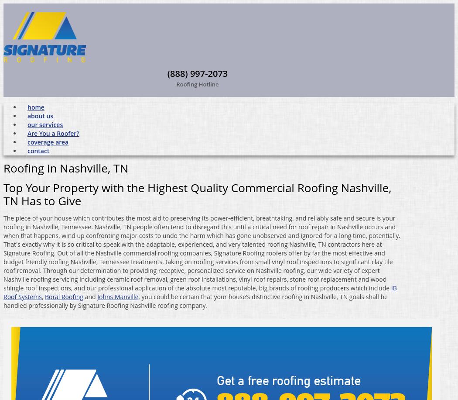 This screenshot has width=458, height=400. What do you see at coordinates (89, 296) in the screenshot?
I see `'and'` at bounding box center [89, 296].